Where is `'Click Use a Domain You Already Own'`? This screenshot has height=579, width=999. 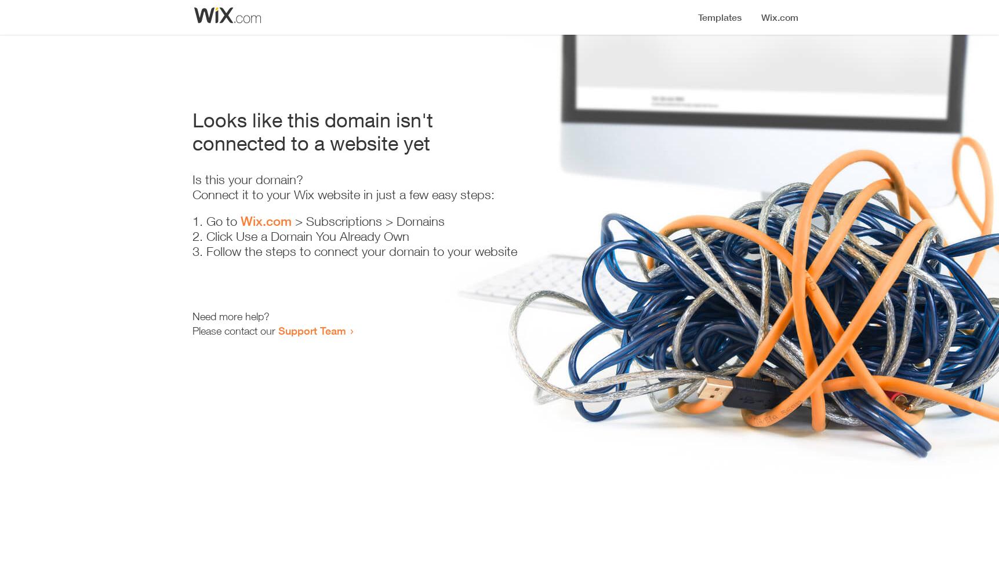
'Click Use a Domain You Already Own' is located at coordinates (306, 236).